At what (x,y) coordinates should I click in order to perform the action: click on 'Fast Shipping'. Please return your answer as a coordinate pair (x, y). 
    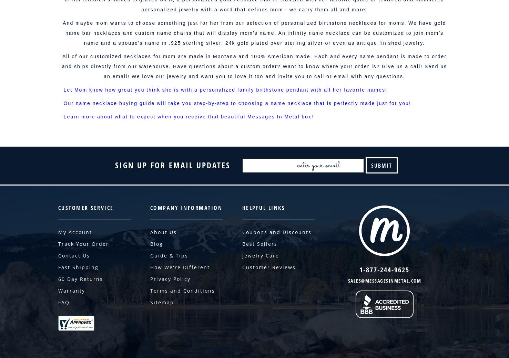
    Looking at the image, I should click on (57, 267).